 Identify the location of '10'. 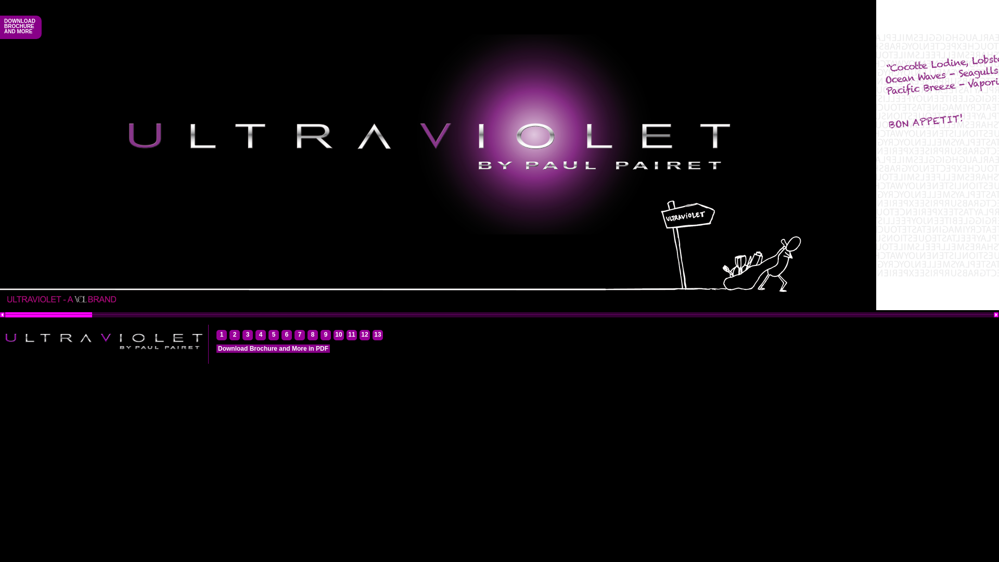
(339, 335).